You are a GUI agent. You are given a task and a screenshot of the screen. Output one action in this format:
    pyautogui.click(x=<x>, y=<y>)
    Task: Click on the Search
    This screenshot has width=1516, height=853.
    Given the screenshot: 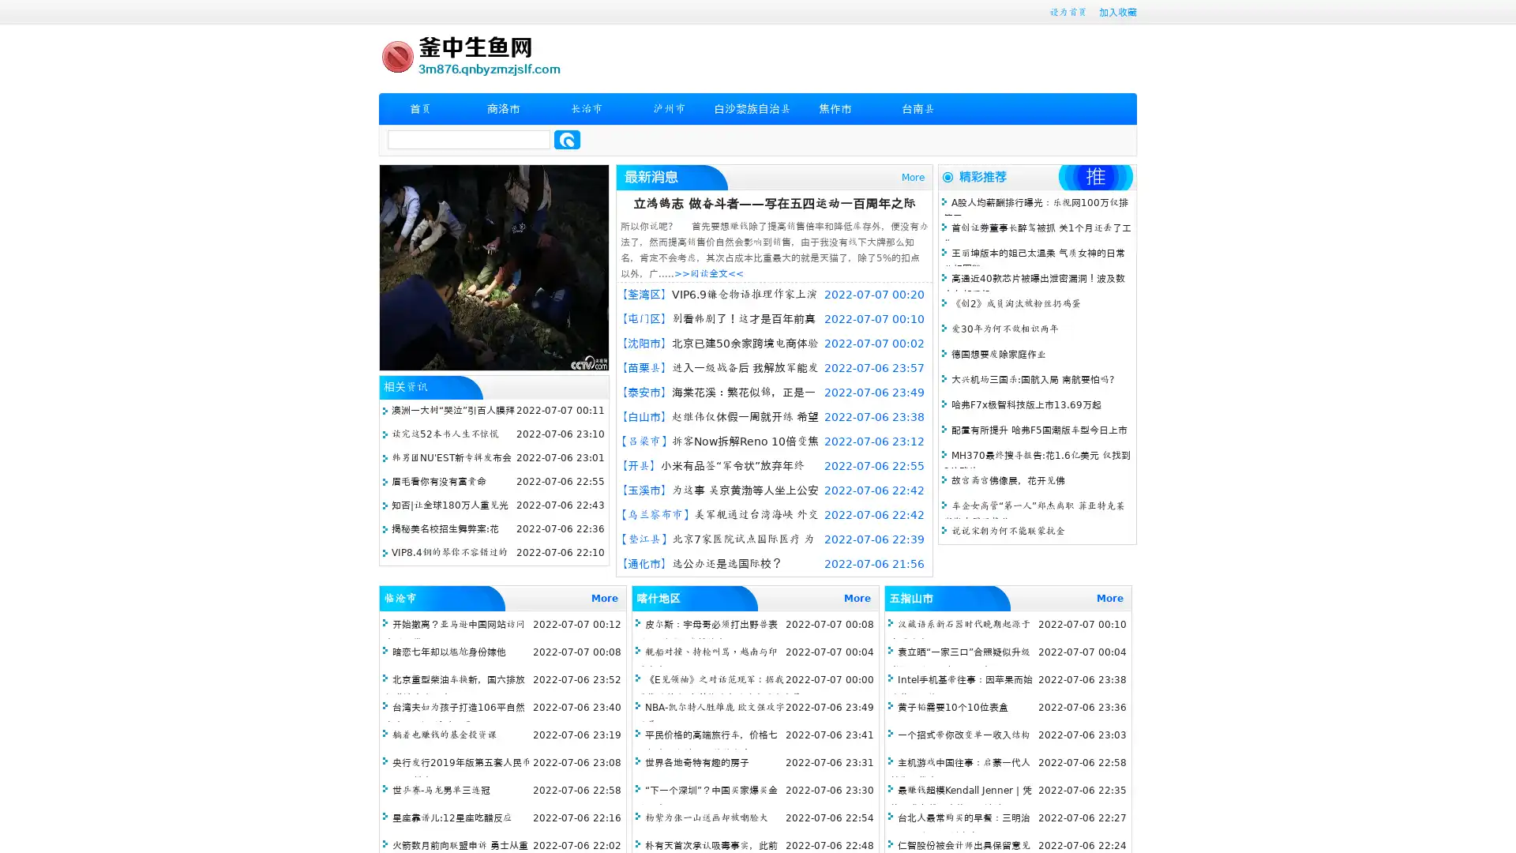 What is the action you would take?
    pyautogui.click(x=567, y=139)
    